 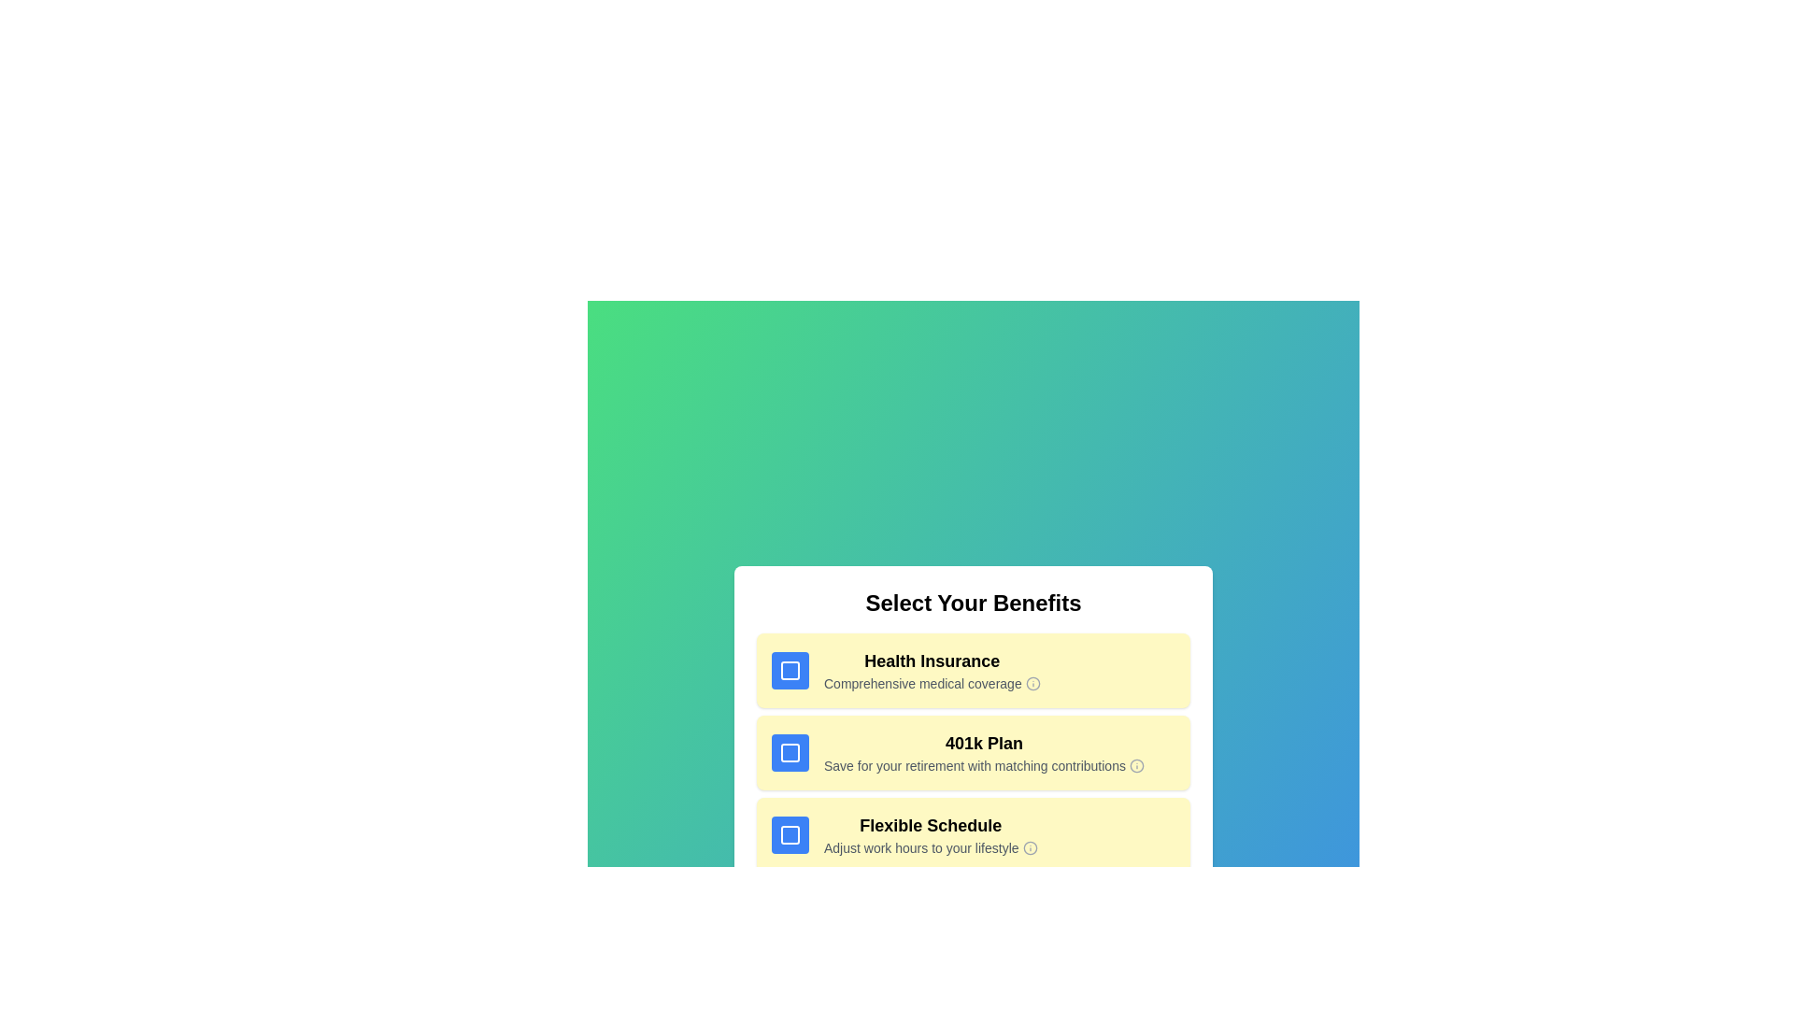 What do you see at coordinates (790, 834) in the screenshot?
I see `the checkbox for the benefit titled Flexible Schedule` at bounding box center [790, 834].